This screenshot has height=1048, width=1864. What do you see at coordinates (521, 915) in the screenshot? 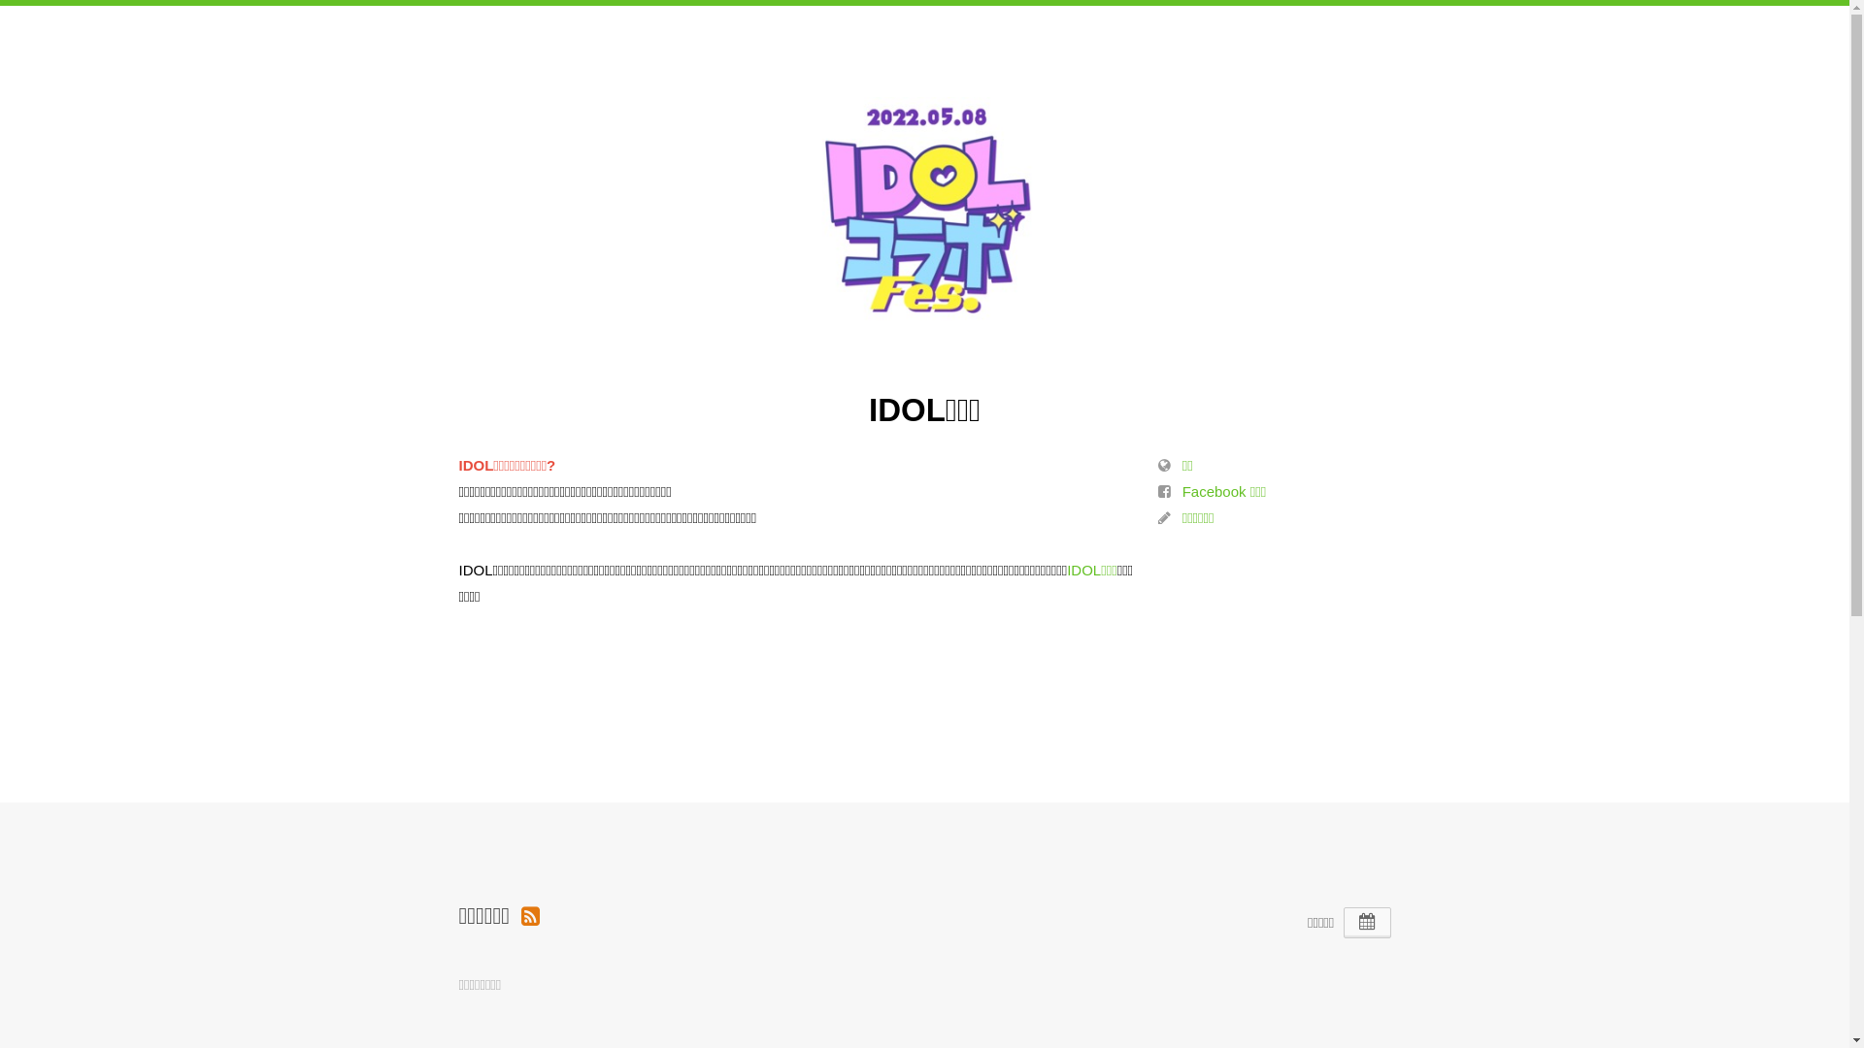
I see `'Organization Events RSS'` at bounding box center [521, 915].